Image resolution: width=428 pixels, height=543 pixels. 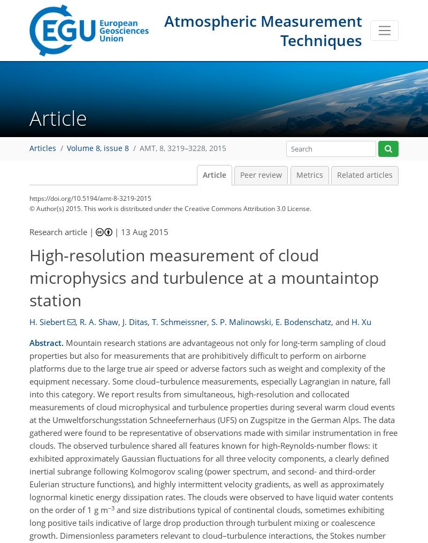 I want to click on 'H. Xu', so click(x=361, y=321).